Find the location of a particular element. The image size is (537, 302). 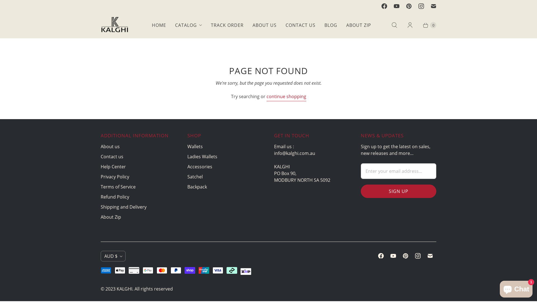

'Refund Policy' is located at coordinates (115, 197).